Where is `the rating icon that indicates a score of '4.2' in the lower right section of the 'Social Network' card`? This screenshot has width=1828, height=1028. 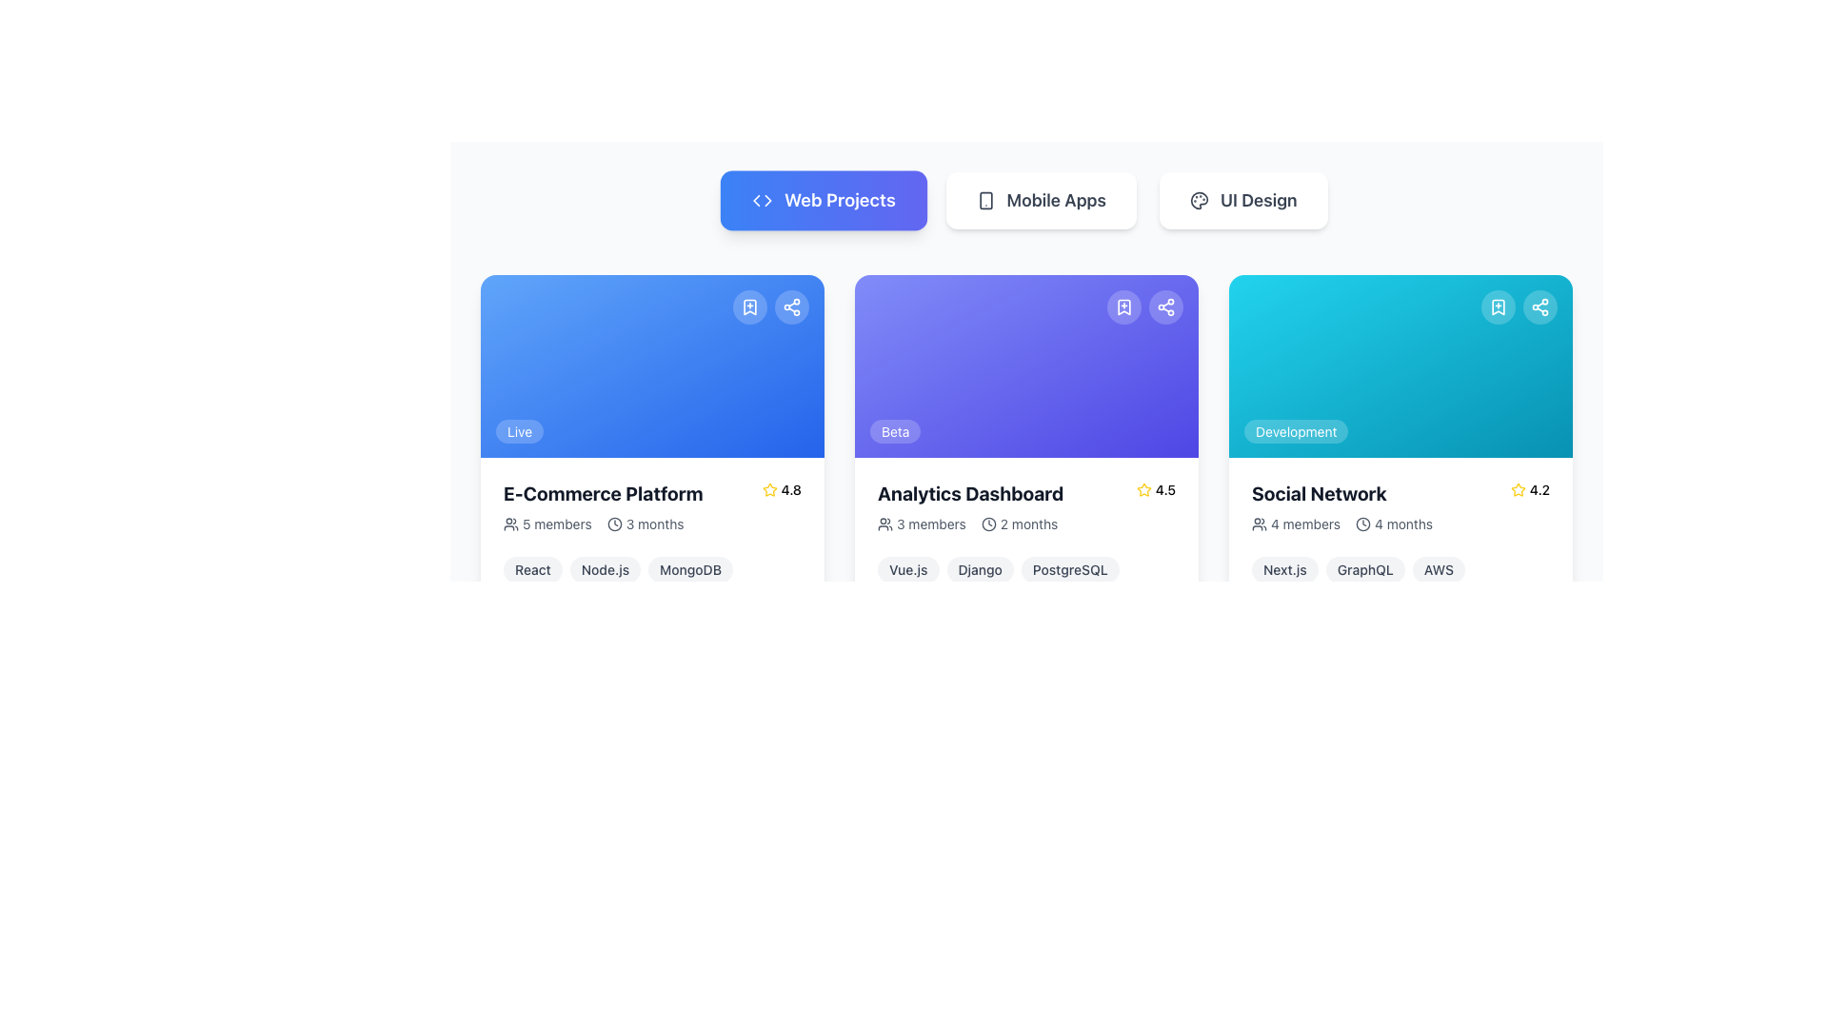
the rating icon that indicates a score of '4.2' in the lower right section of the 'Social Network' card is located at coordinates (1517, 489).